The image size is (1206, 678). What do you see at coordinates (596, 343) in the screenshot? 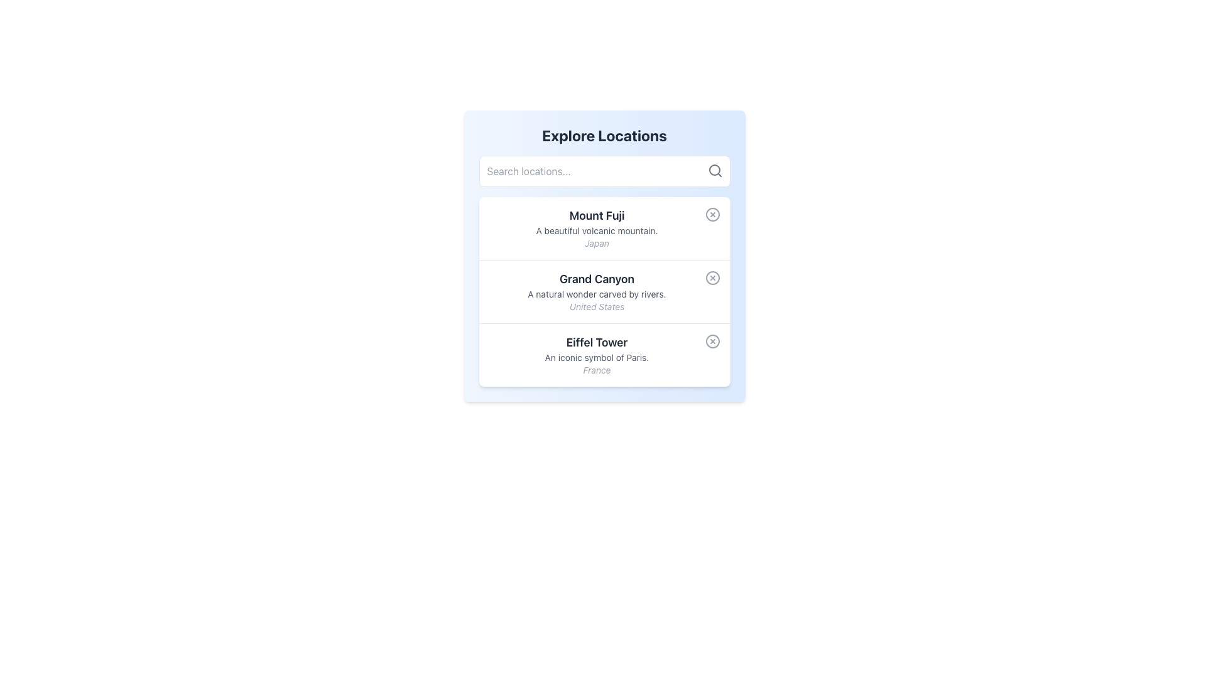
I see `the text label that serves as the title for the card representing the Eiffel Tower, located in the third card of a vertically stacked list` at bounding box center [596, 343].